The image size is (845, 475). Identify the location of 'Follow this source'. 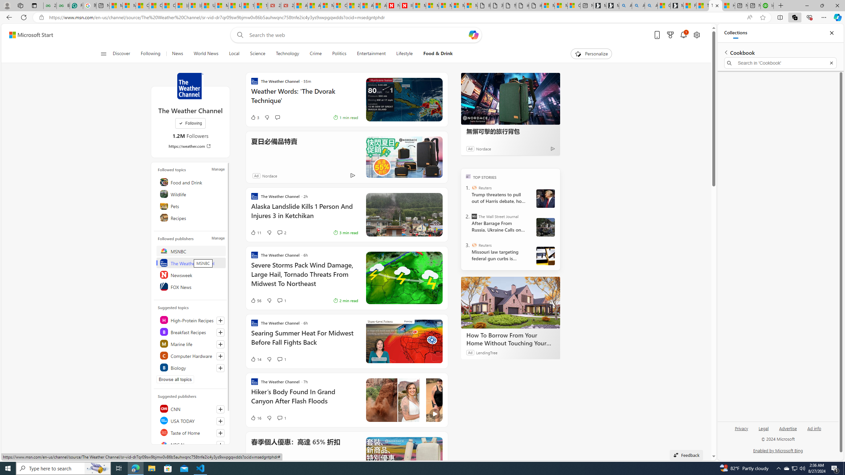
(220, 445).